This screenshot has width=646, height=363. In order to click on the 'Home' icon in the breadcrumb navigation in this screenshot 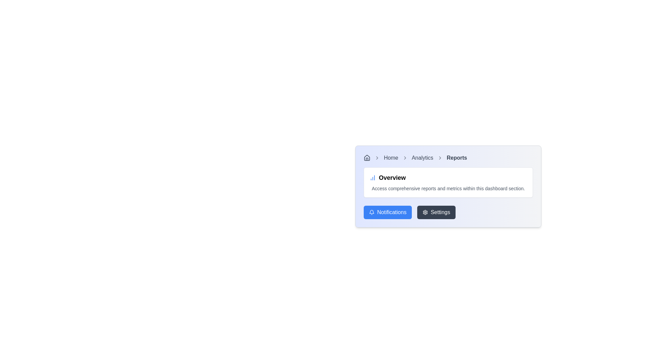, I will do `click(366, 158)`.